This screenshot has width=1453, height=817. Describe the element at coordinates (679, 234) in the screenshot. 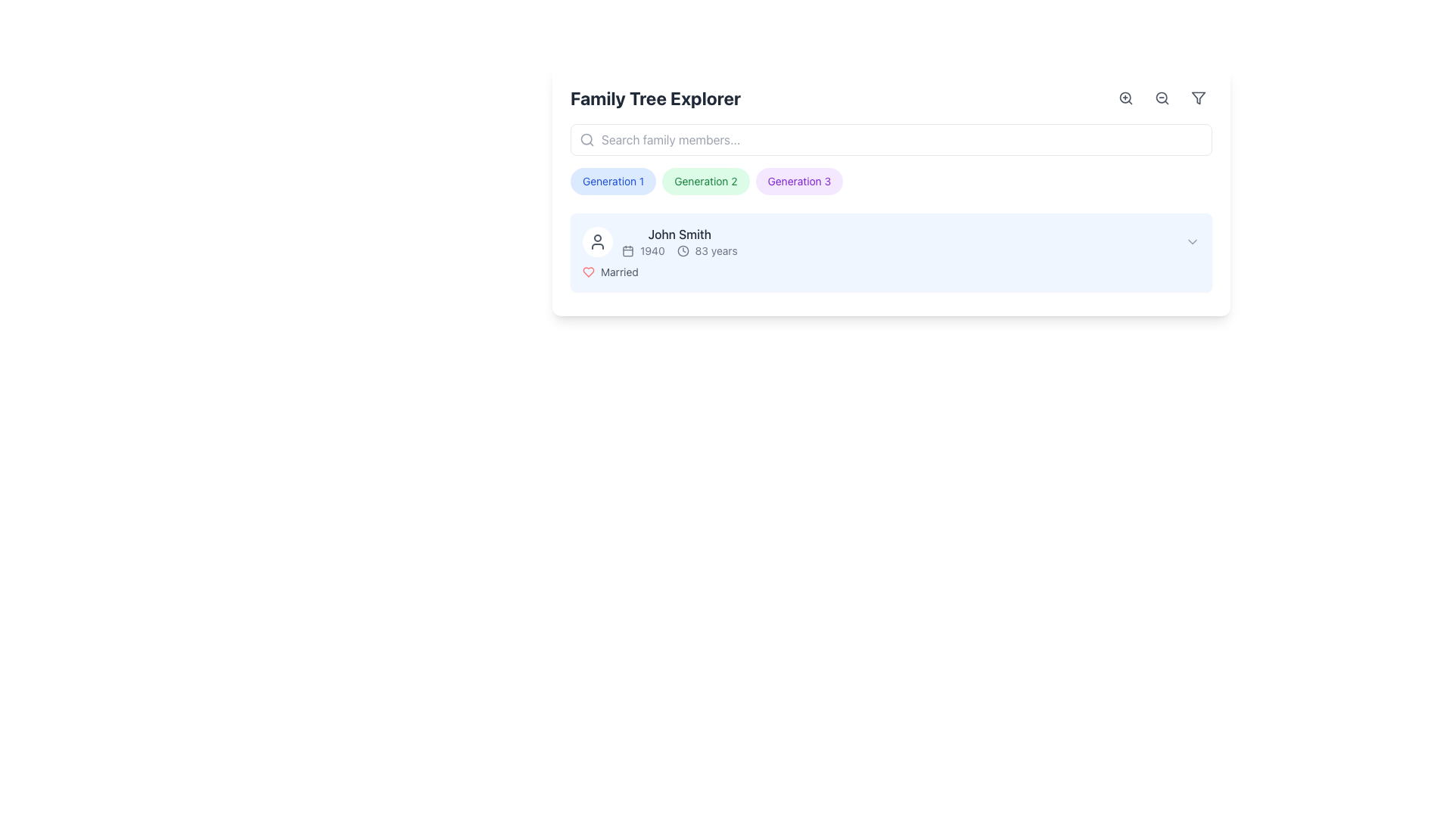

I see `the text element displaying the name of a person, which is the top-most text in the user information card, located next to the profile icon and above the date of birth and age details` at that location.